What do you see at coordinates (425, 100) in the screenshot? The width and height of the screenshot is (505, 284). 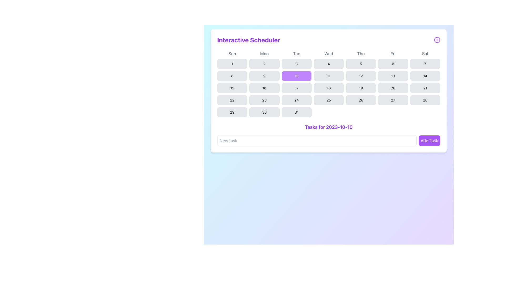 I see `the button labeled '28' in the last row of the calendar grid, positioned under the 'Sat' column header` at bounding box center [425, 100].